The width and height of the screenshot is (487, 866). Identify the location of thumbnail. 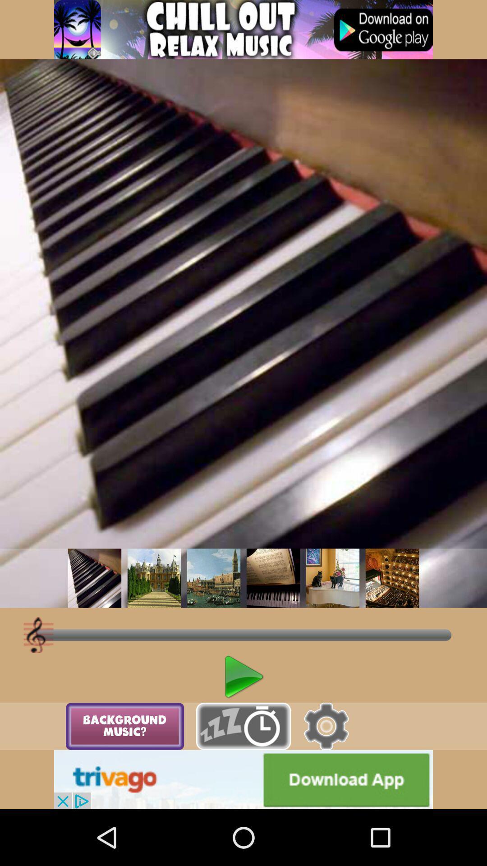
(332, 578).